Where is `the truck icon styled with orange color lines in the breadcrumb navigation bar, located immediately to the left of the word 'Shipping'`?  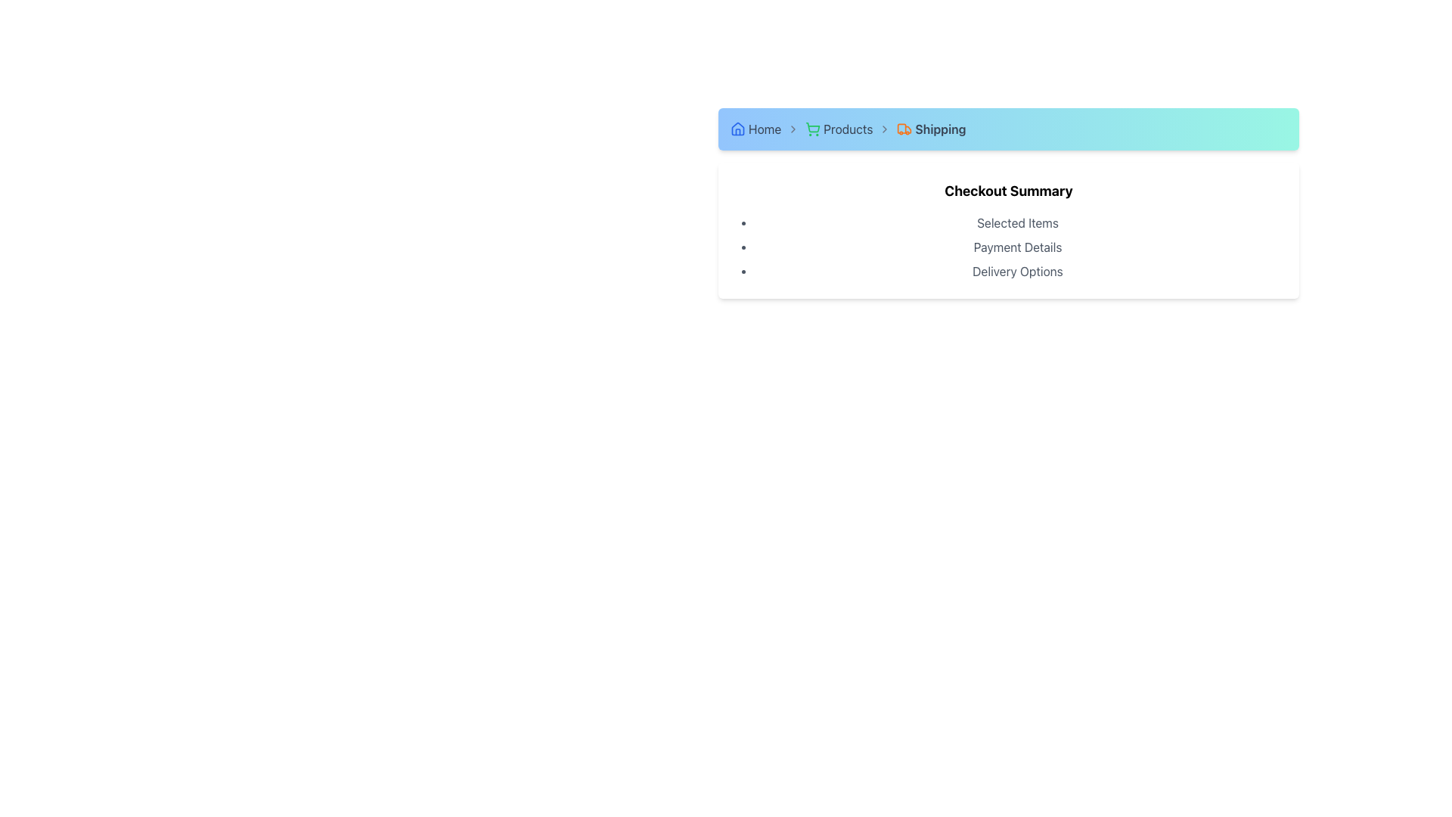
the truck icon styled with orange color lines in the breadcrumb navigation bar, located immediately to the left of the word 'Shipping' is located at coordinates (904, 128).